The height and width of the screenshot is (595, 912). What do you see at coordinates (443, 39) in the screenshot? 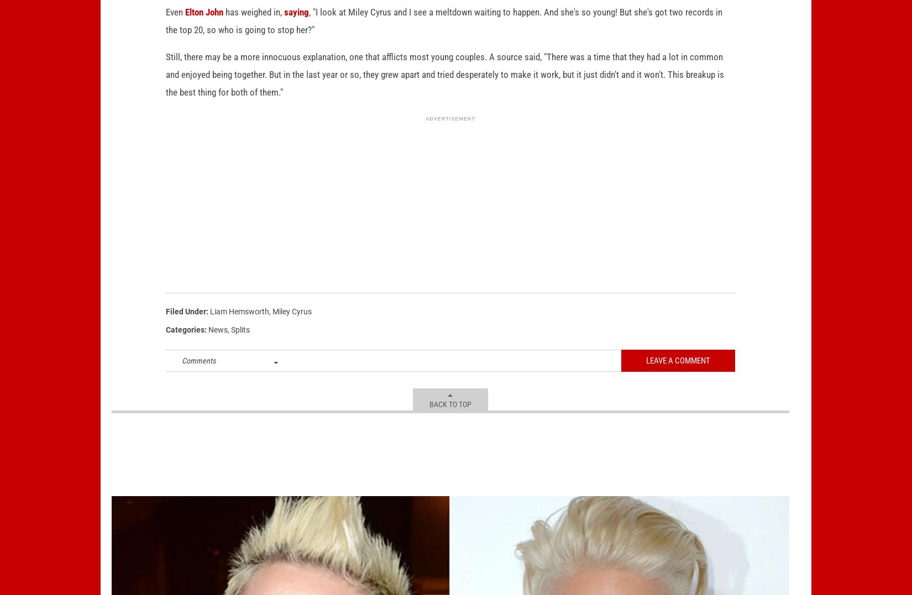
I see `', "I look at Miley Cyrus and I see a meltdown waiting to happen. And she's so young! But she's got two records in the top 20, so who is going to stop her?"'` at bounding box center [443, 39].